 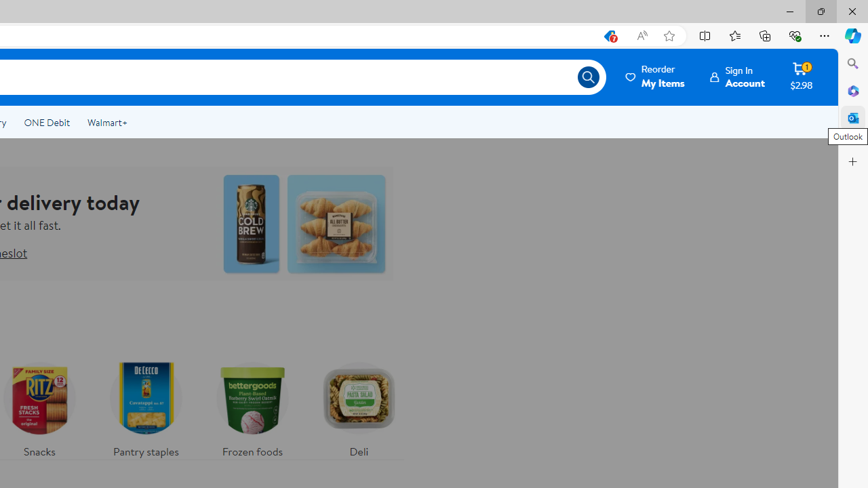 I want to click on 'Frozen foods', so click(x=252, y=405).